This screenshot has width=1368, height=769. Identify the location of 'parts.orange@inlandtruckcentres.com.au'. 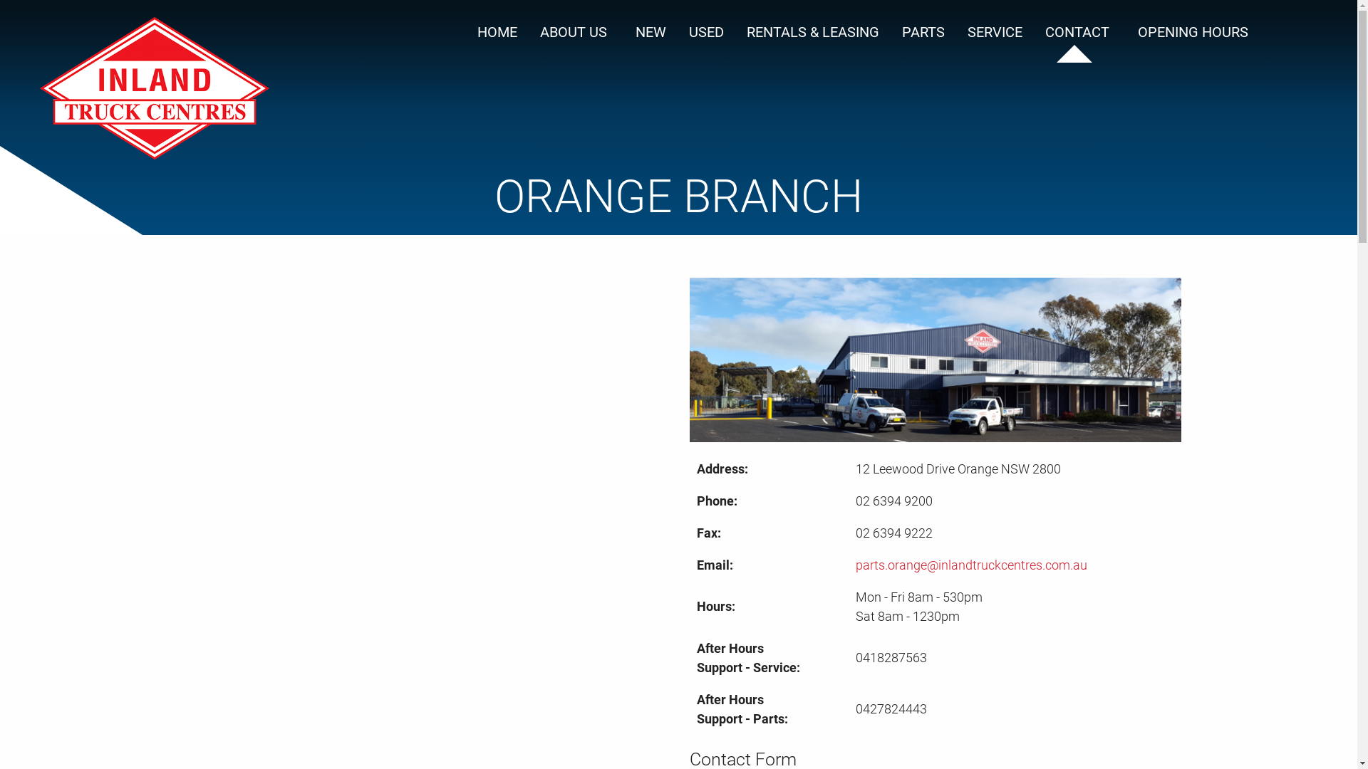
(970, 564).